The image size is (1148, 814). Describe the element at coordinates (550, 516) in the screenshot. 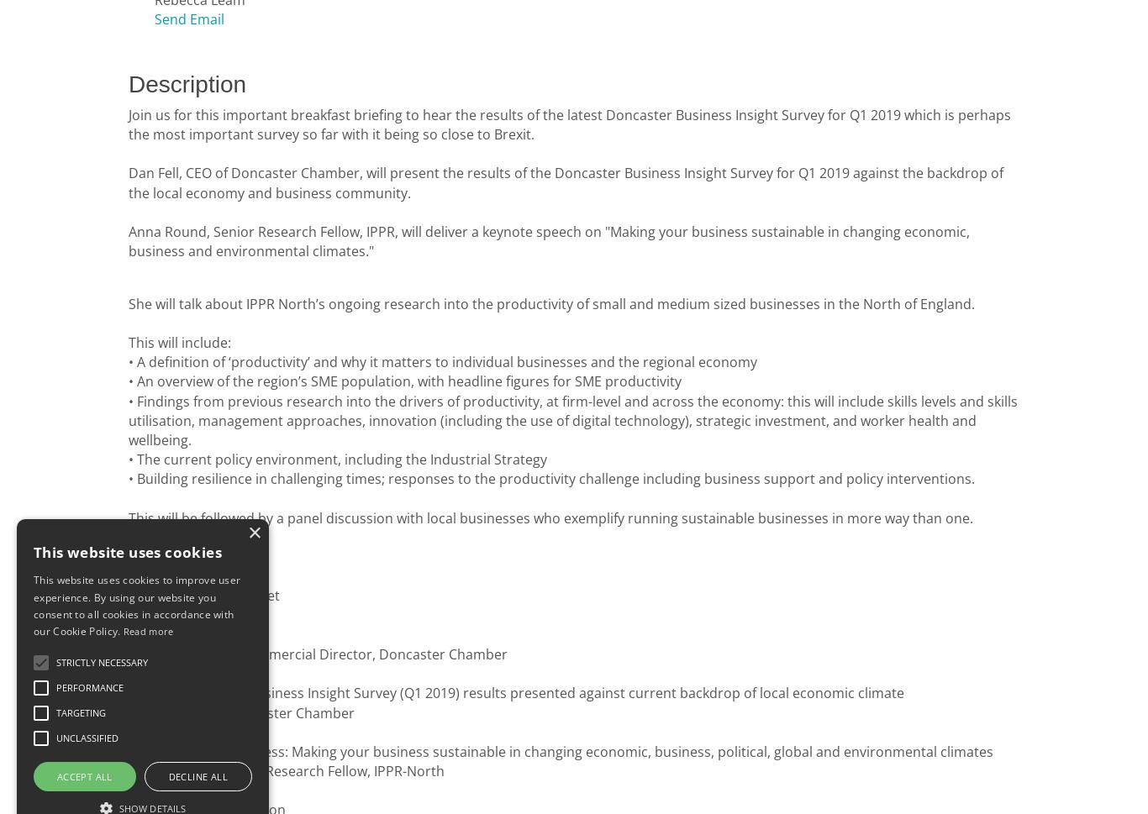

I see `'This will be followed by a panel discussion with local businesses who exemplify running sustainable businesses in more way than one.'` at that location.